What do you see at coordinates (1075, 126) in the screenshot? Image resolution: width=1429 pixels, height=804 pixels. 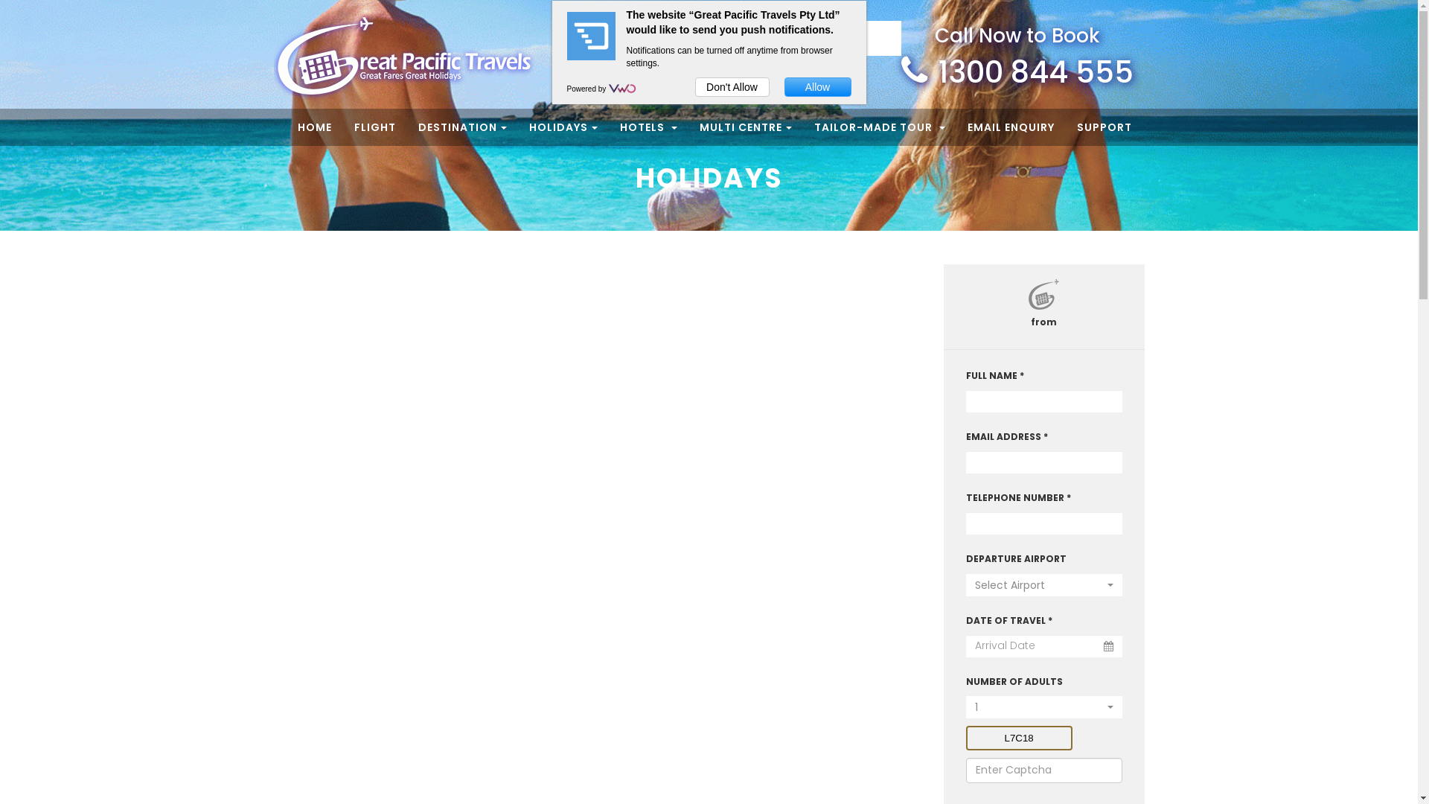 I see `'SUPPORT'` at bounding box center [1075, 126].